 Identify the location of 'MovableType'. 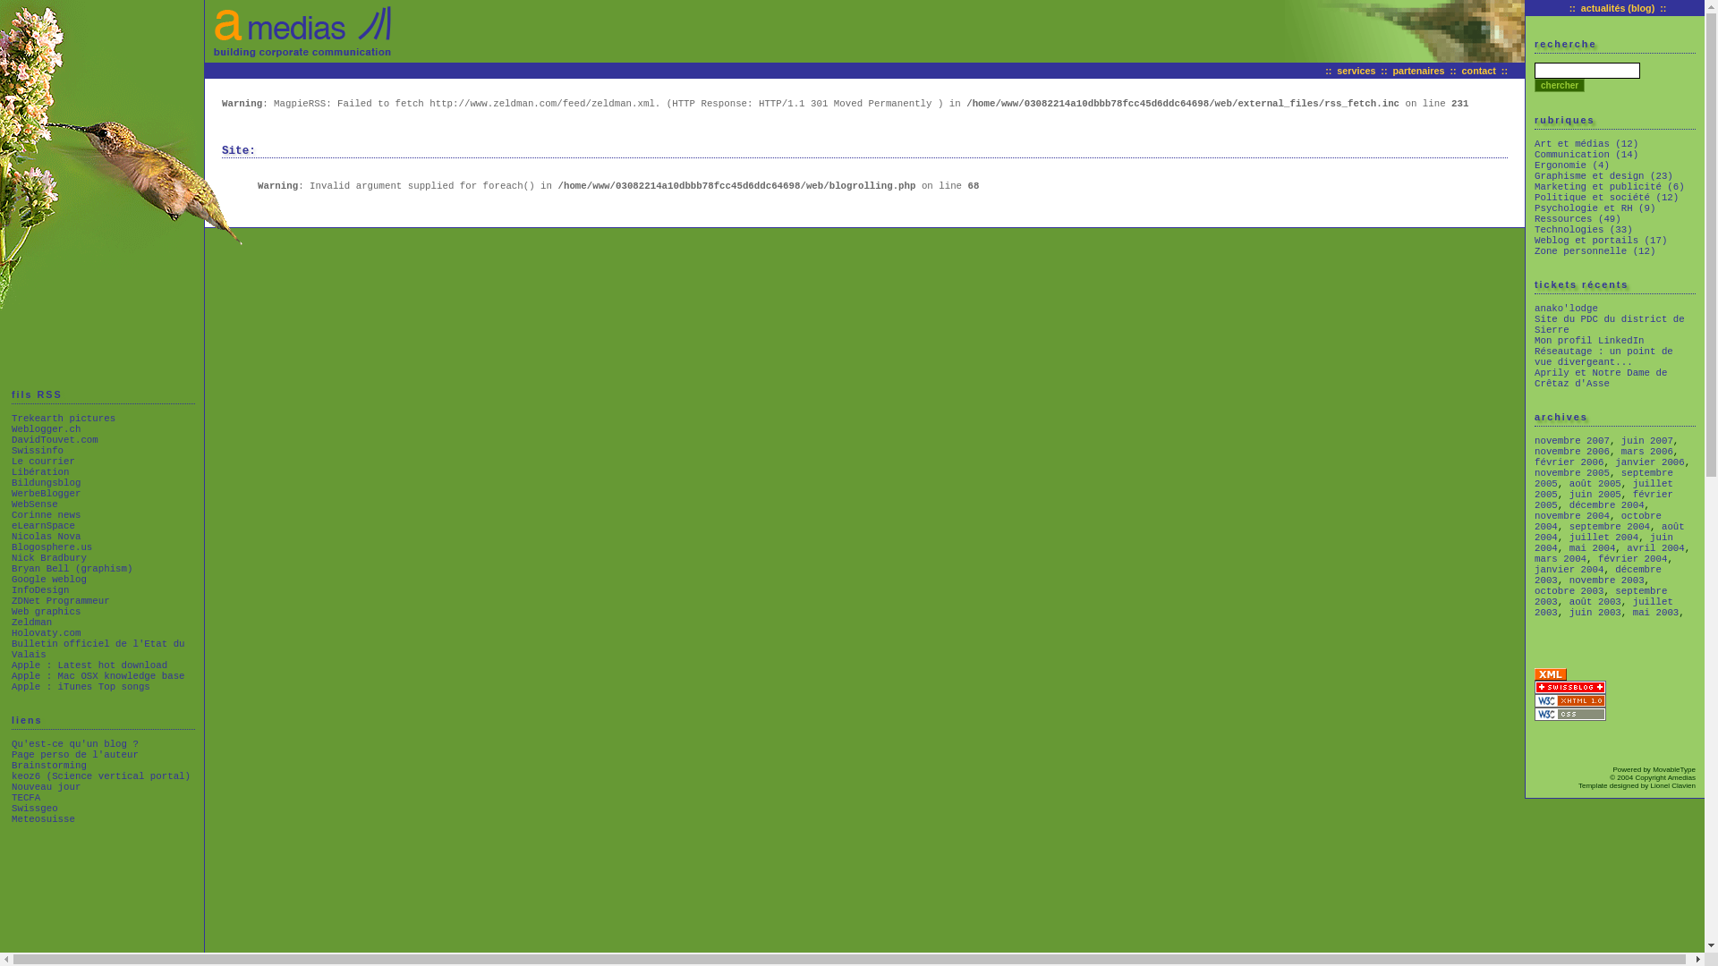
(1652, 768).